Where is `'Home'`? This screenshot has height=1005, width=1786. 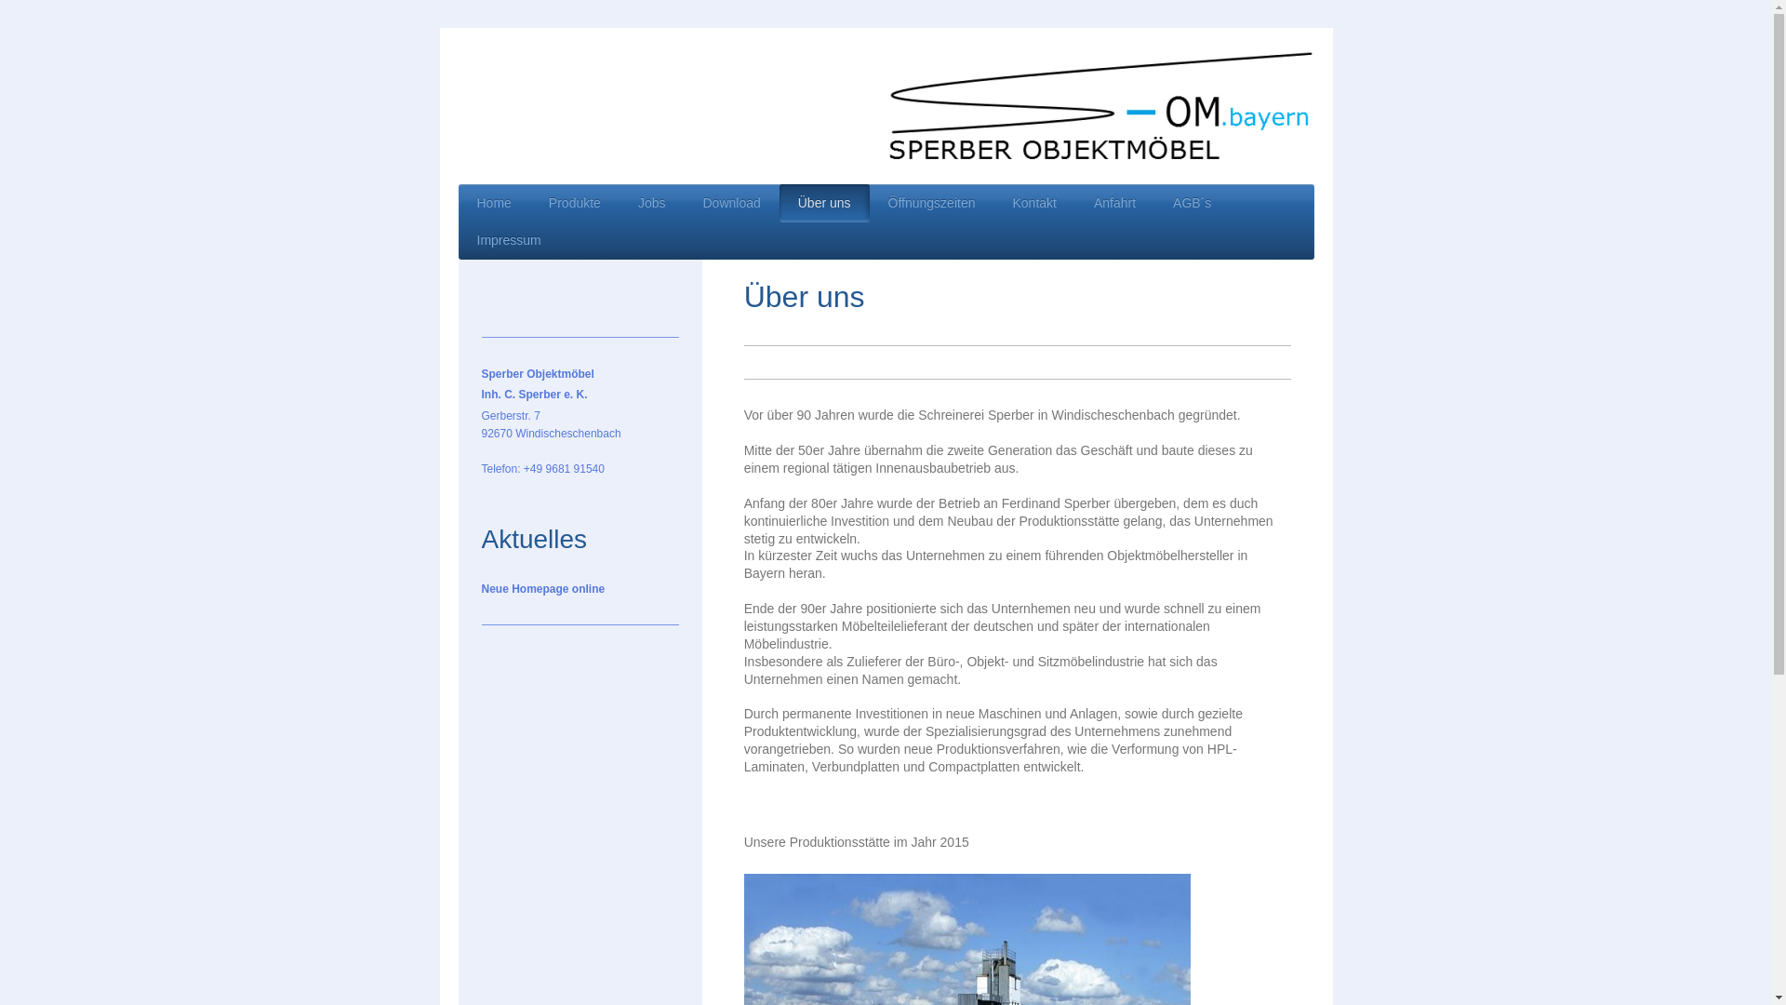 'Home' is located at coordinates (493, 203).